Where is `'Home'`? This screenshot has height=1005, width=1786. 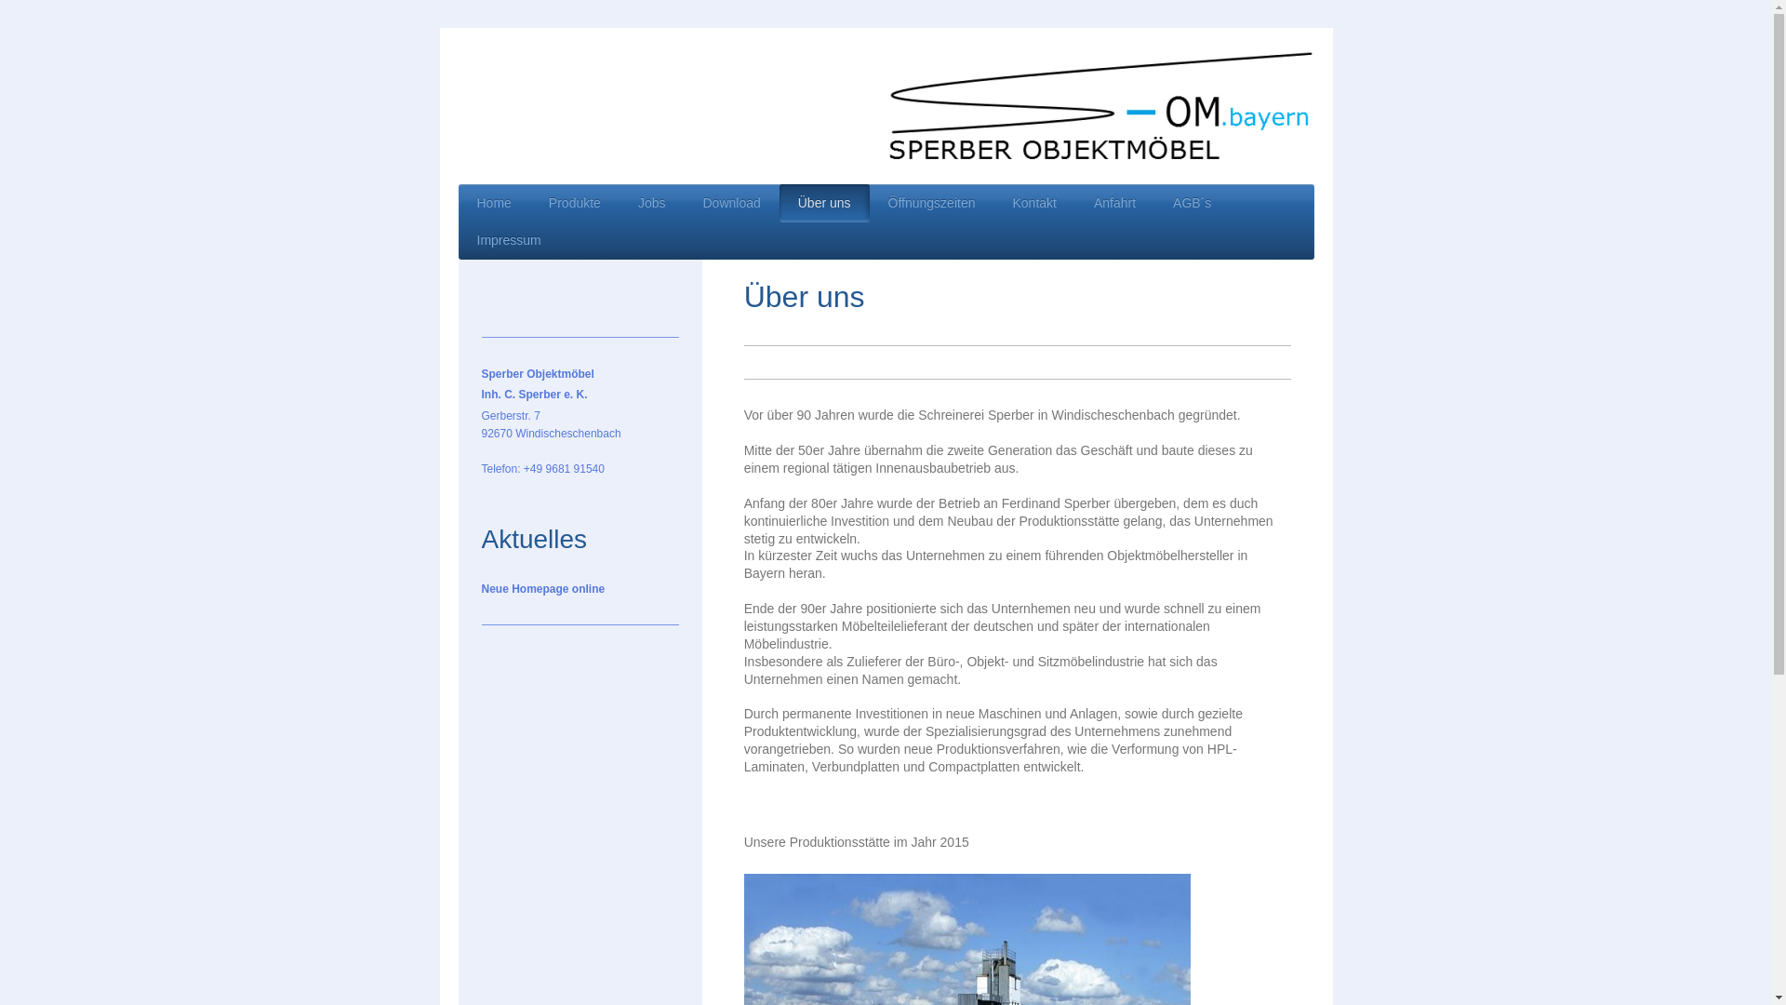 'Home' is located at coordinates (493, 203).